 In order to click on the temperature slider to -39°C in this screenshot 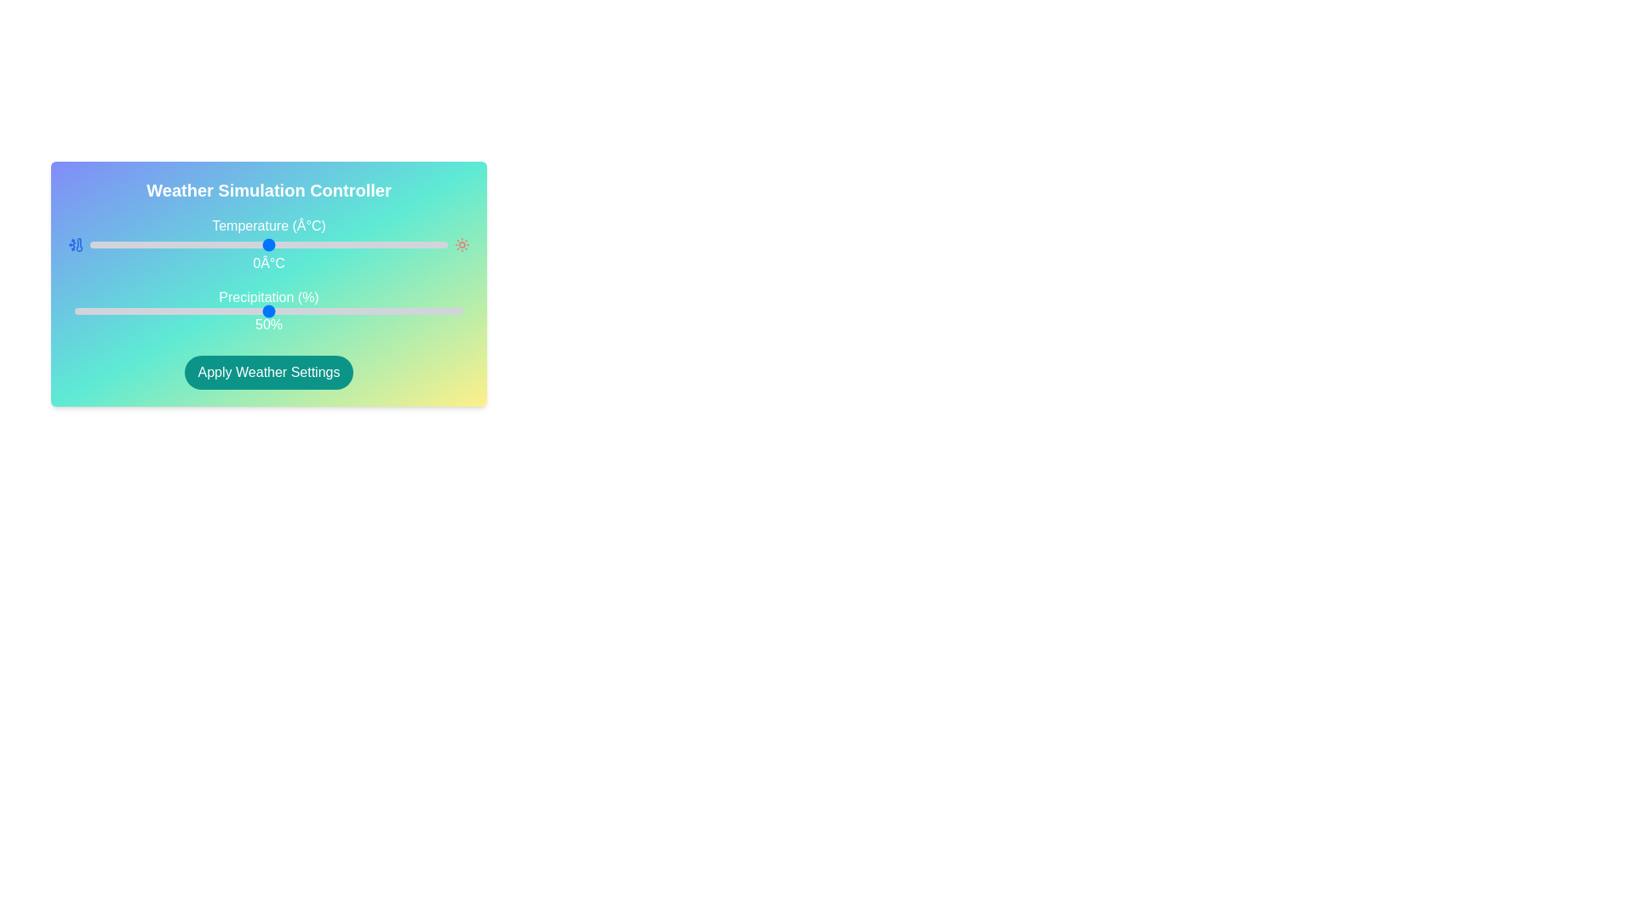, I will do `click(129, 245)`.